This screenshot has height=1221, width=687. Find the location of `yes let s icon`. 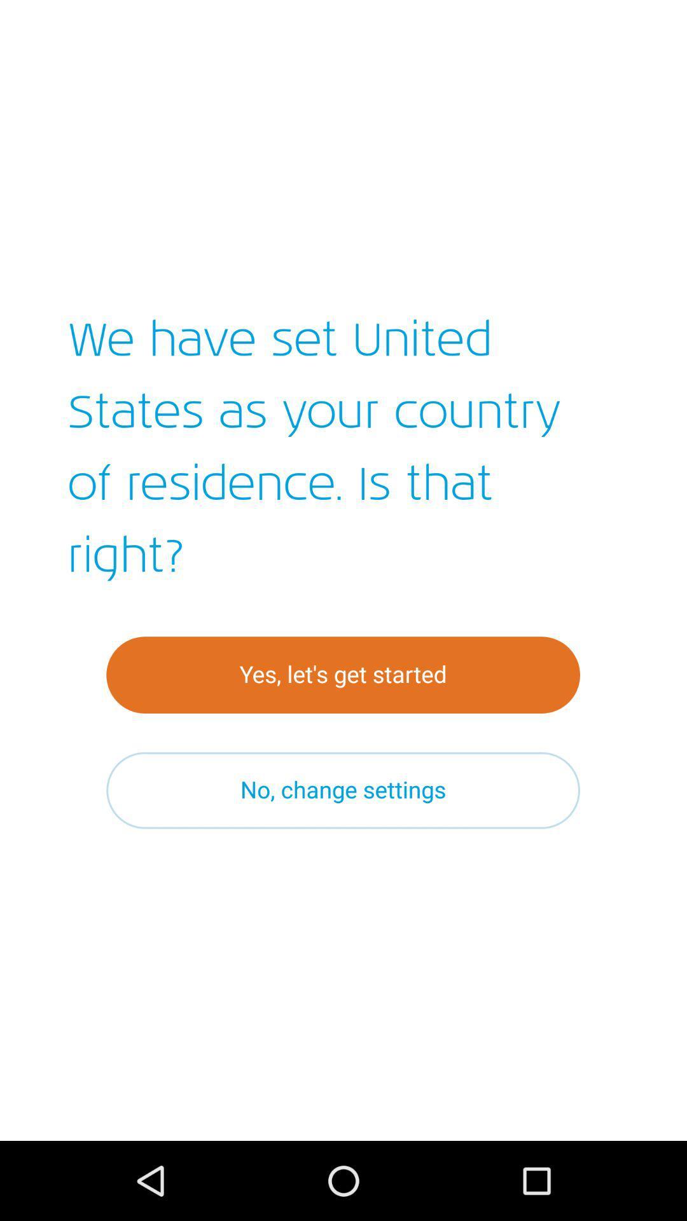

yes let s icon is located at coordinates (342, 674).